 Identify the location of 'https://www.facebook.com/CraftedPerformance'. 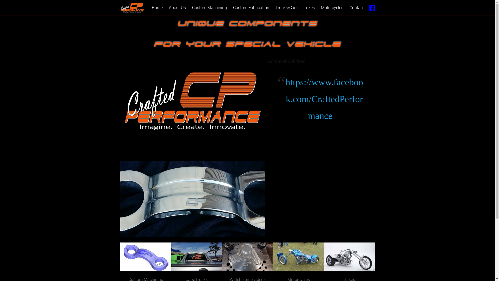
(324, 99).